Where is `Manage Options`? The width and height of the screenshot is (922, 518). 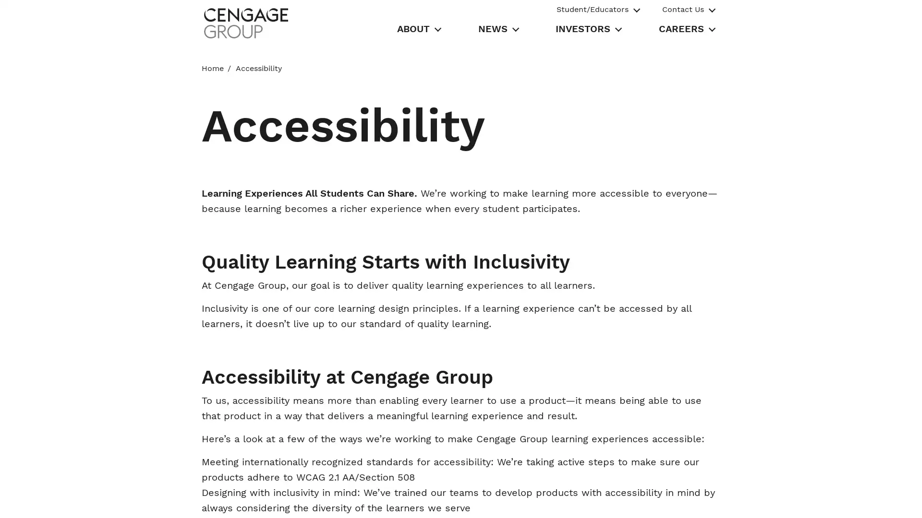 Manage Options is located at coordinates (671, 499).